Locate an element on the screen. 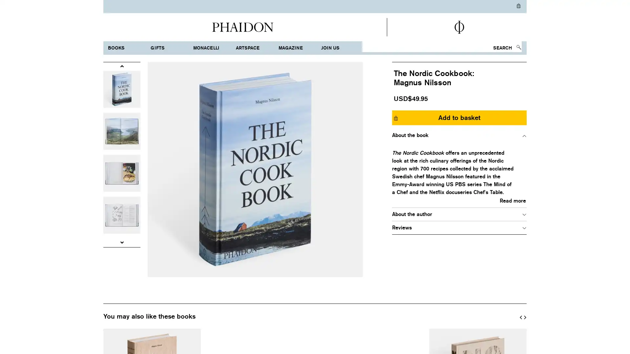 The height and width of the screenshot is (354, 630). Reviews is located at coordinates (459, 227).